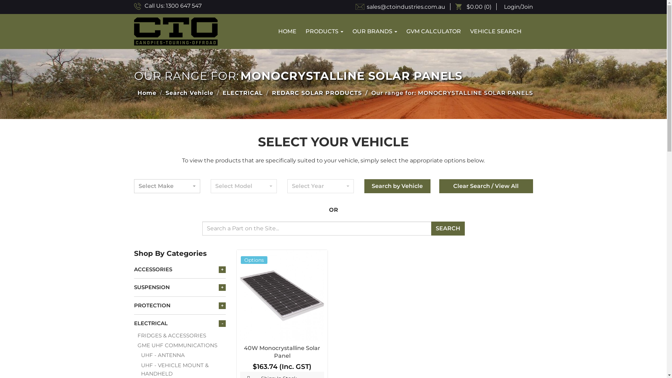  What do you see at coordinates (403, 7) in the screenshot?
I see `'sales@ctoindustries.com.au'` at bounding box center [403, 7].